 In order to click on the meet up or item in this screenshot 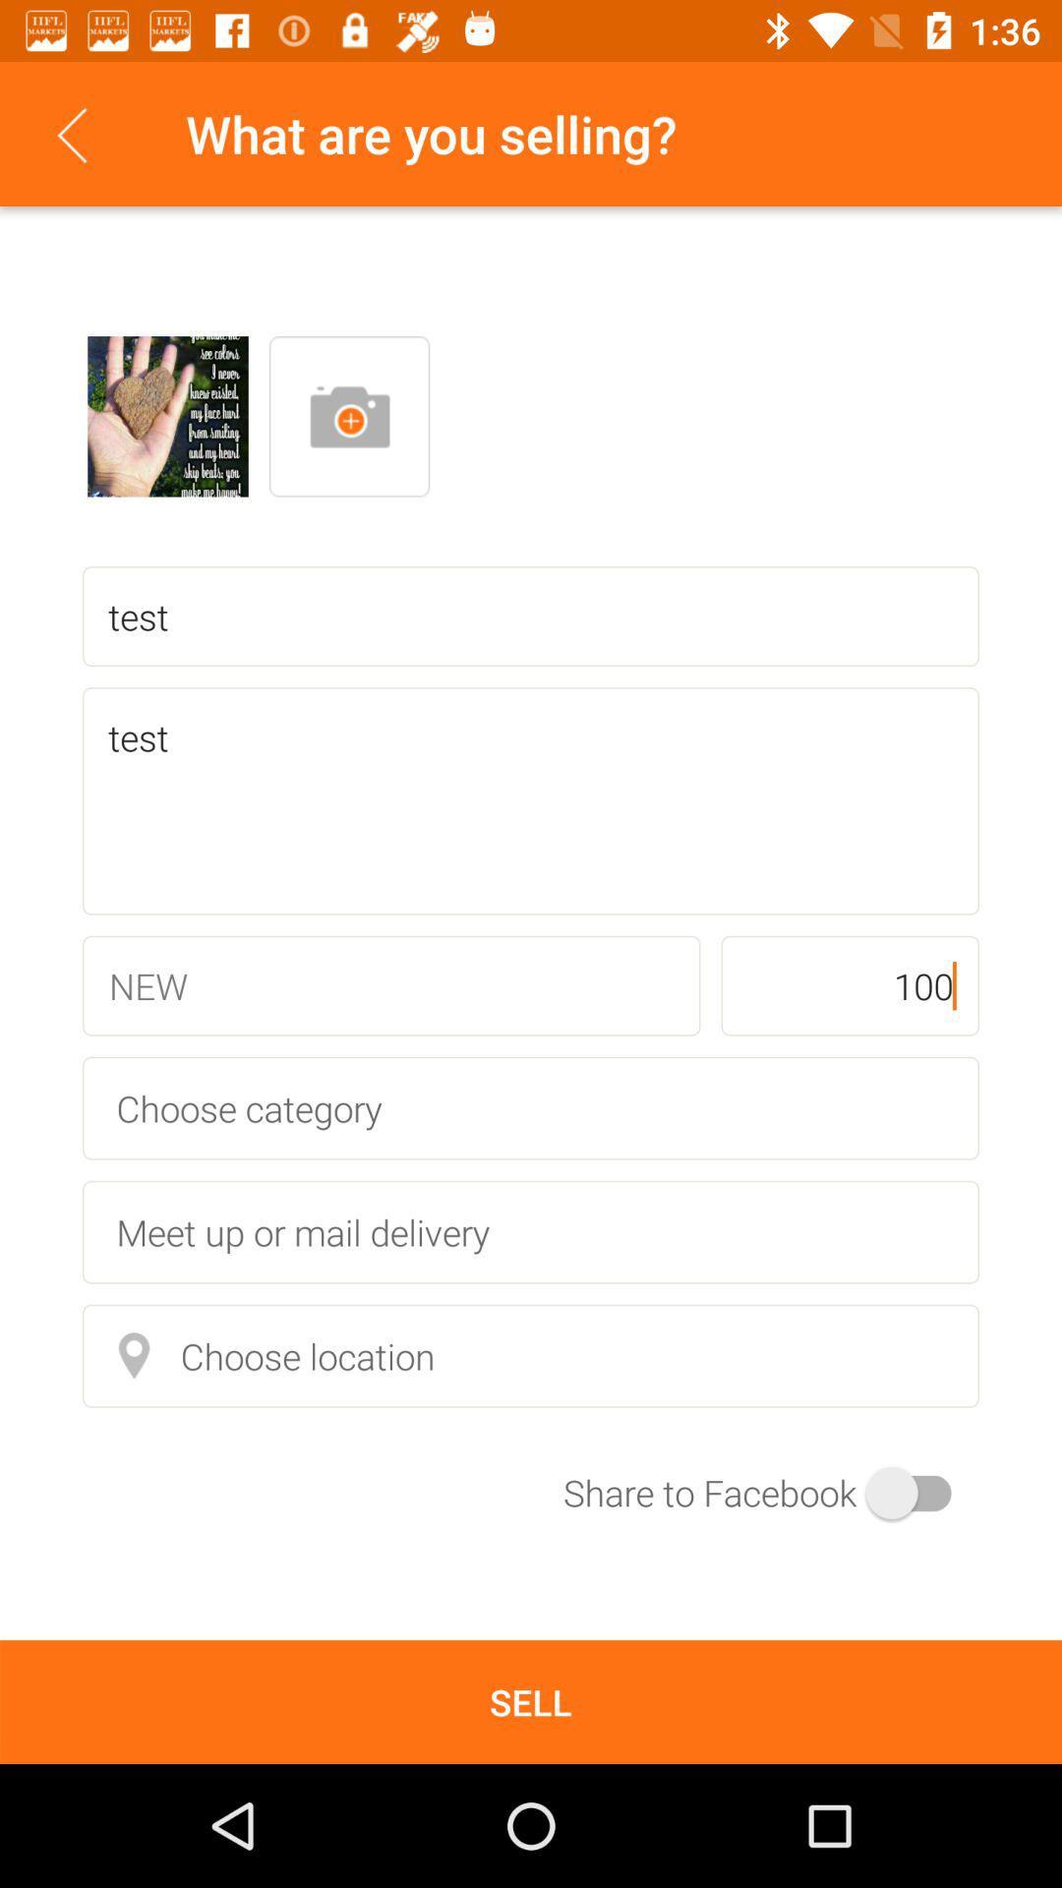, I will do `click(531, 1231)`.